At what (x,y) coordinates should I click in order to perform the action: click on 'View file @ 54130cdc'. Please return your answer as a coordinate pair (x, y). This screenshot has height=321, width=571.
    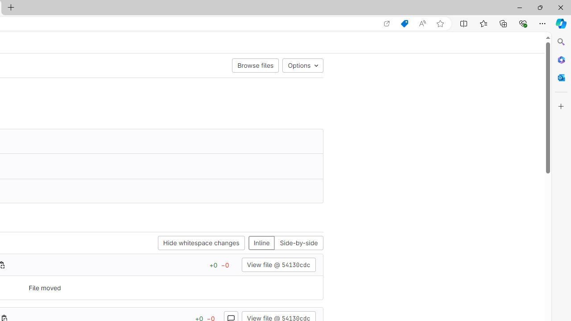
    Looking at the image, I should click on (278, 264).